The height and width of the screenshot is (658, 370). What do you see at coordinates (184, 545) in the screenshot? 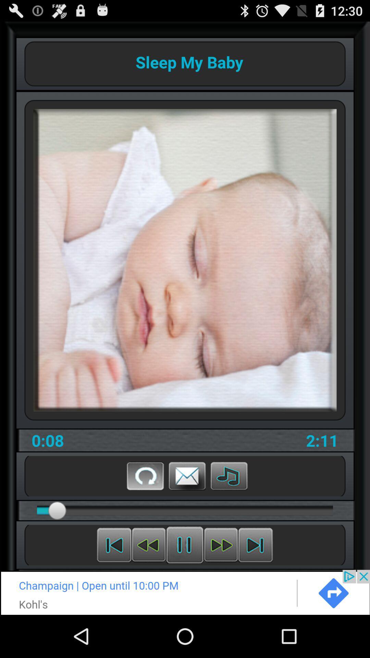
I see `pause music` at bounding box center [184, 545].